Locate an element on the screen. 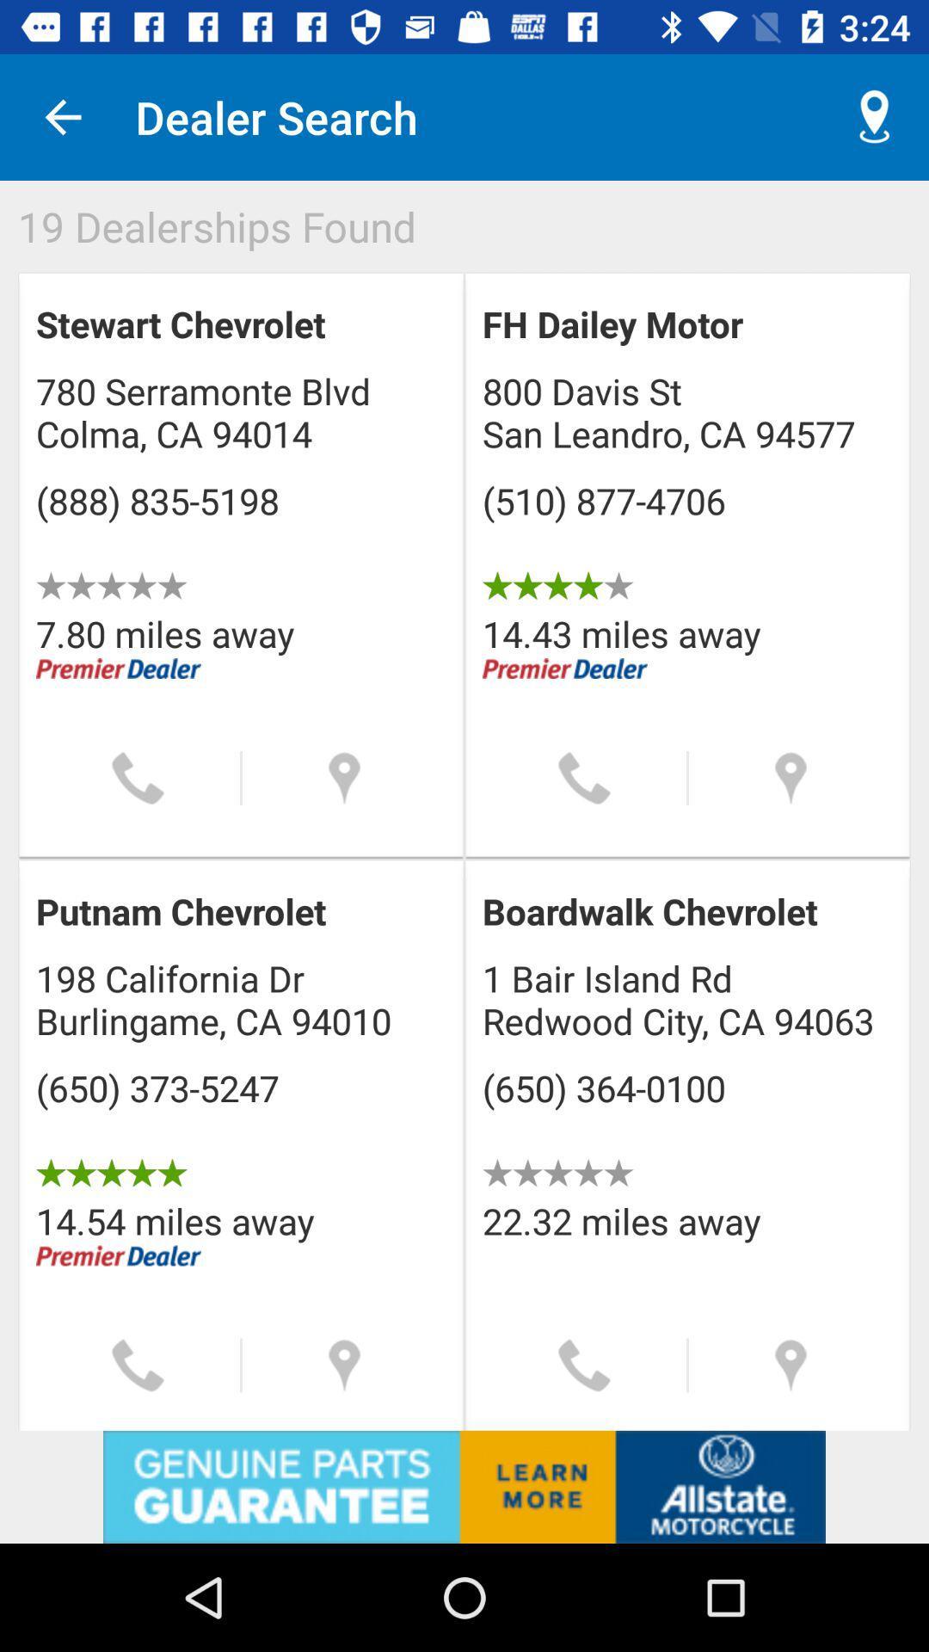 The height and width of the screenshot is (1652, 929). location is located at coordinates (791, 1365).